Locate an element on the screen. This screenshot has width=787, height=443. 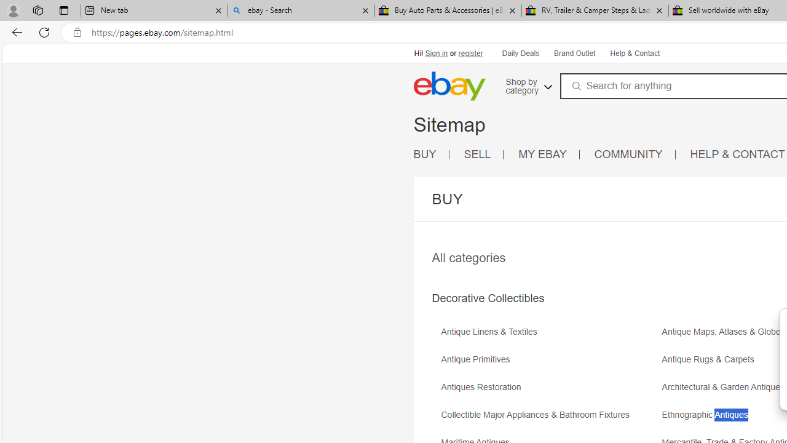
'Daily Deals' is located at coordinates (520, 52).